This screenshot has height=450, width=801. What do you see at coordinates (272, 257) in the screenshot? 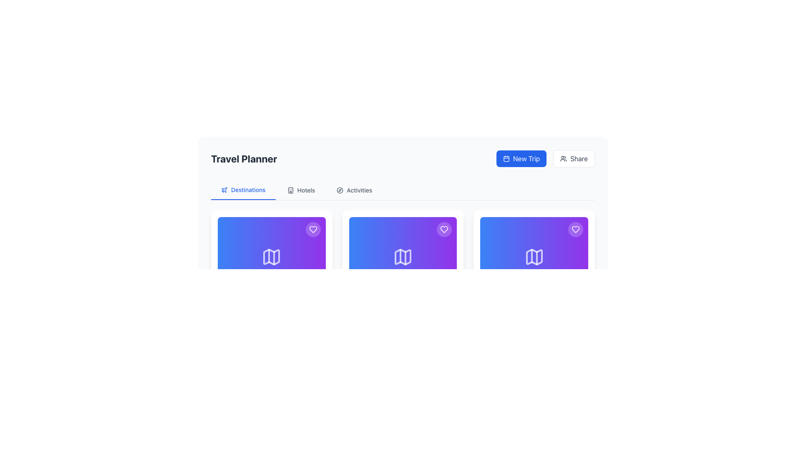
I see `to select the first card in the 'Destinations' section, which has a gradient background from blue to purple and a map icon at its center` at bounding box center [272, 257].